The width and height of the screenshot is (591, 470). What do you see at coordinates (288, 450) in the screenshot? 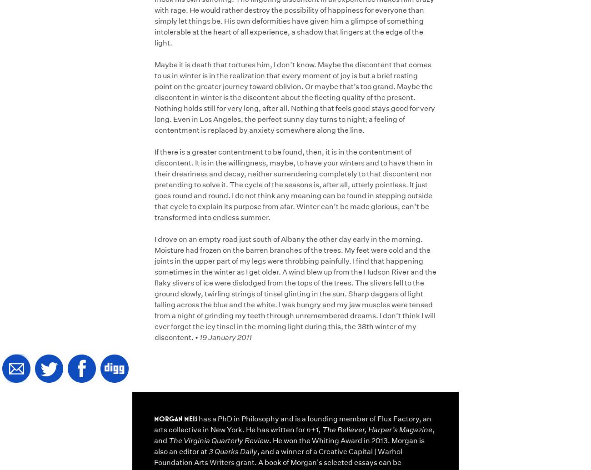
I see `', and a winner of a'` at bounding box center [288, 450].